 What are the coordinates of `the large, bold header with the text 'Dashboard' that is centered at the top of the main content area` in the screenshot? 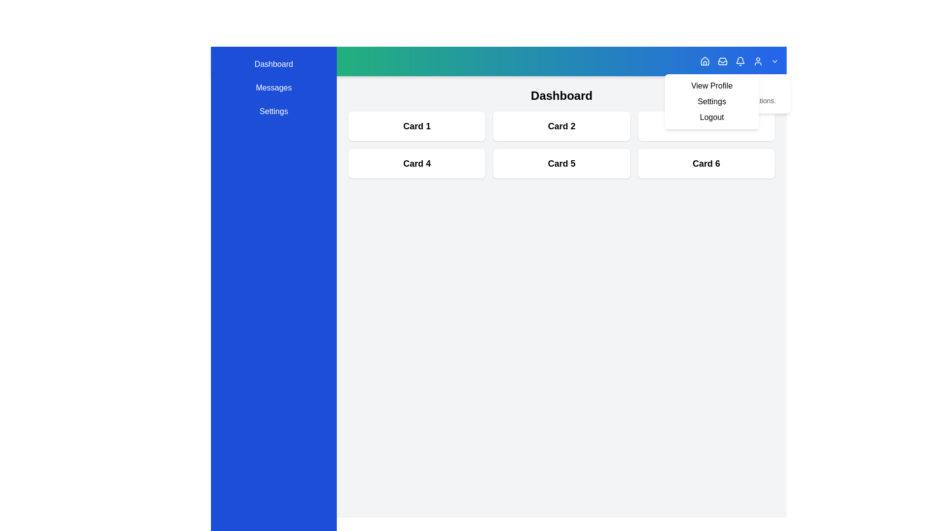 It's located at (561, 96).